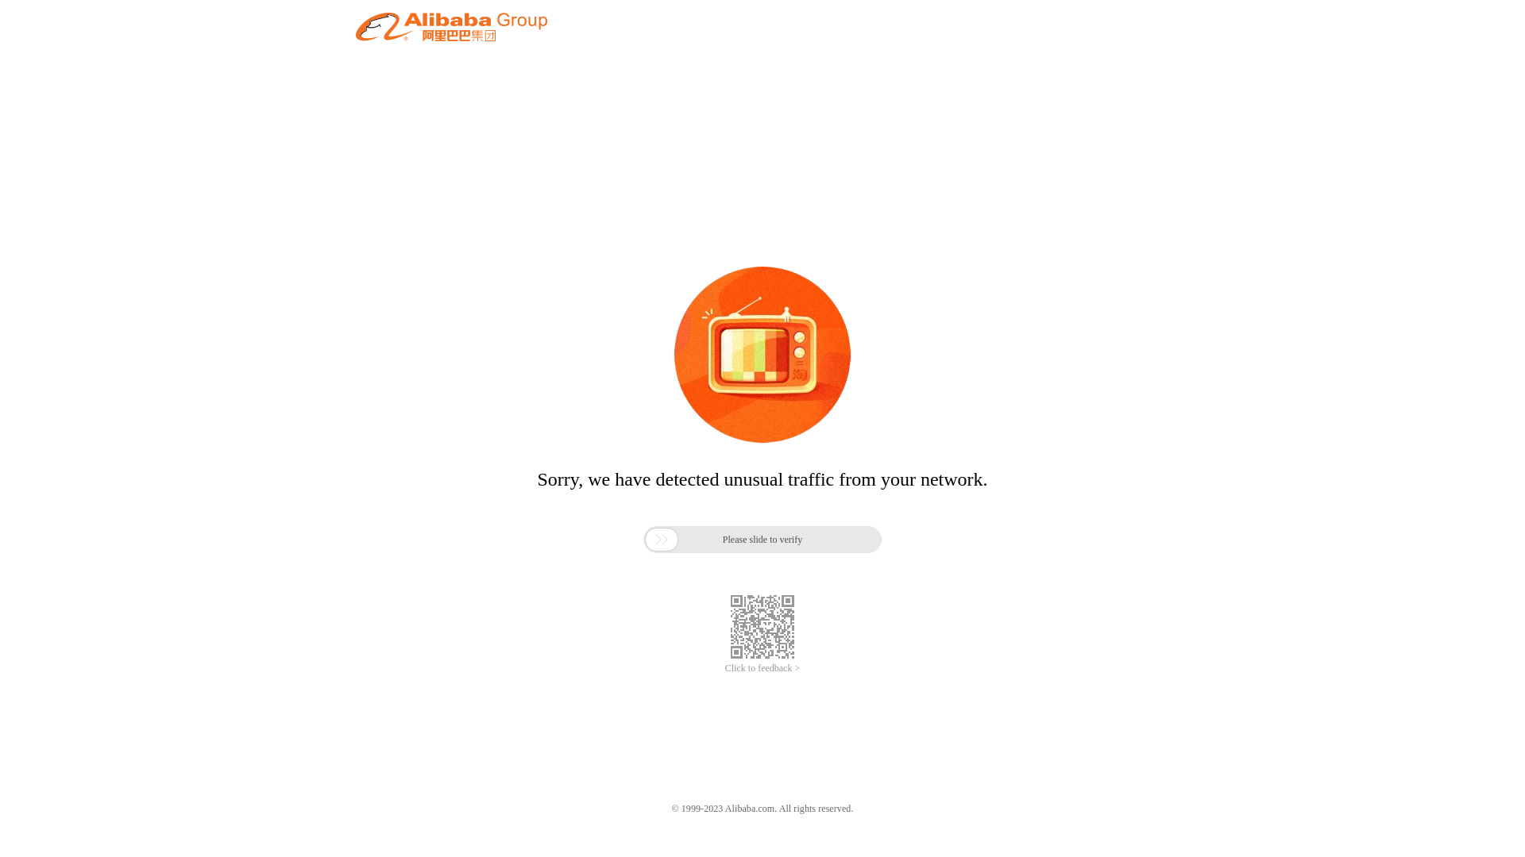 The height and width of the screenshot is (857, 1525). I want to click on 'Click to feedback >', so click(762, 668).